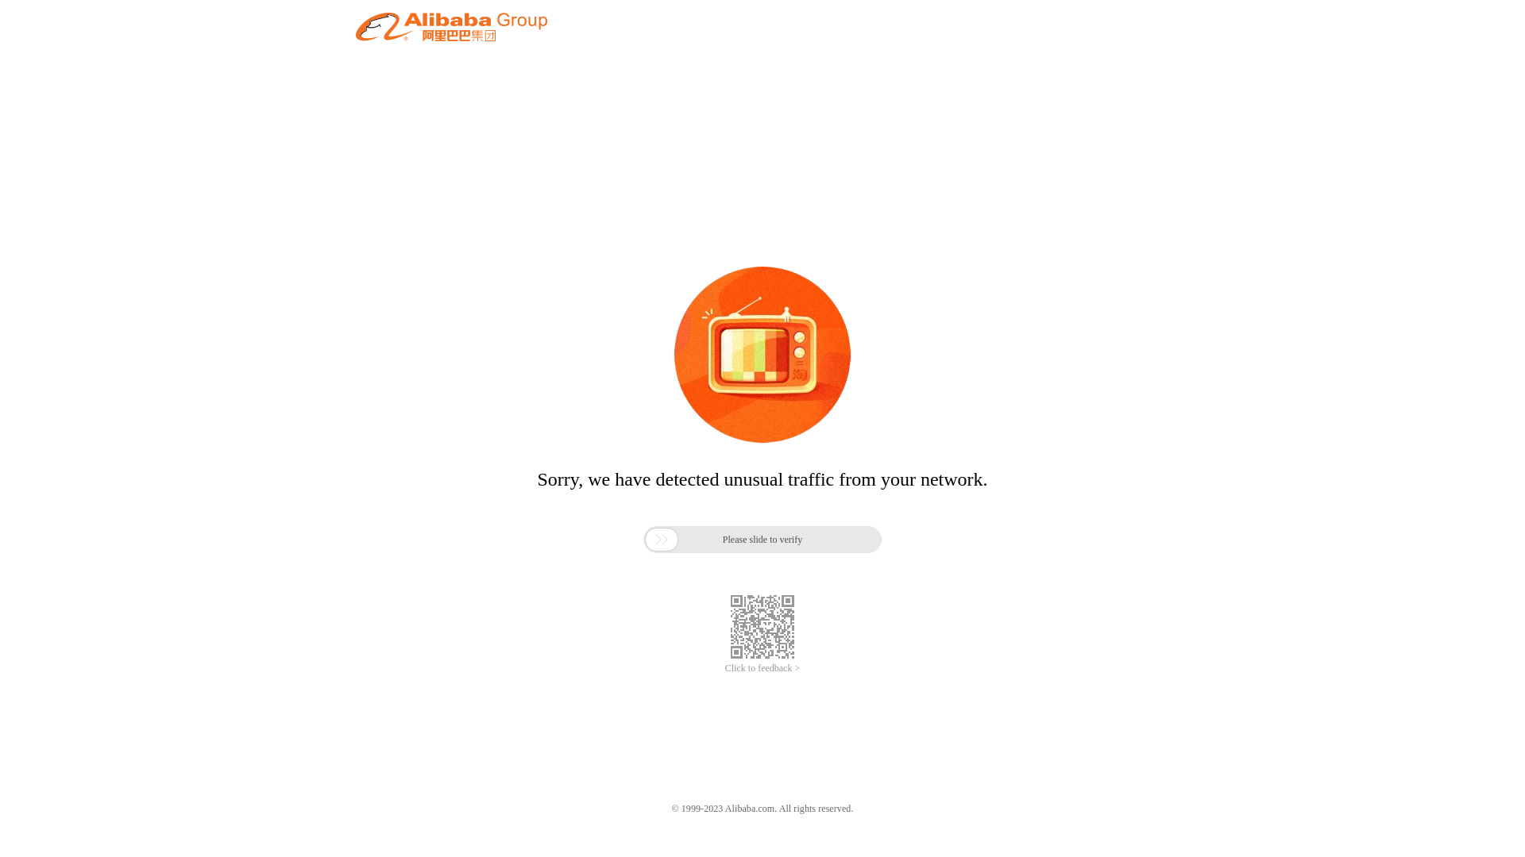 The height and width of the screenshot is (857, 1525). I want to click on 'Click to feedback >', so click(762, 668).